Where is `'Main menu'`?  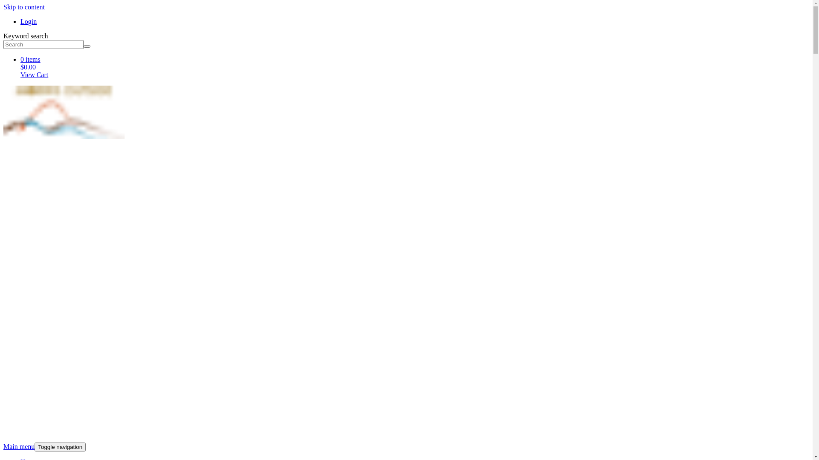
'Main menu' is located at coordinates (19, 446).